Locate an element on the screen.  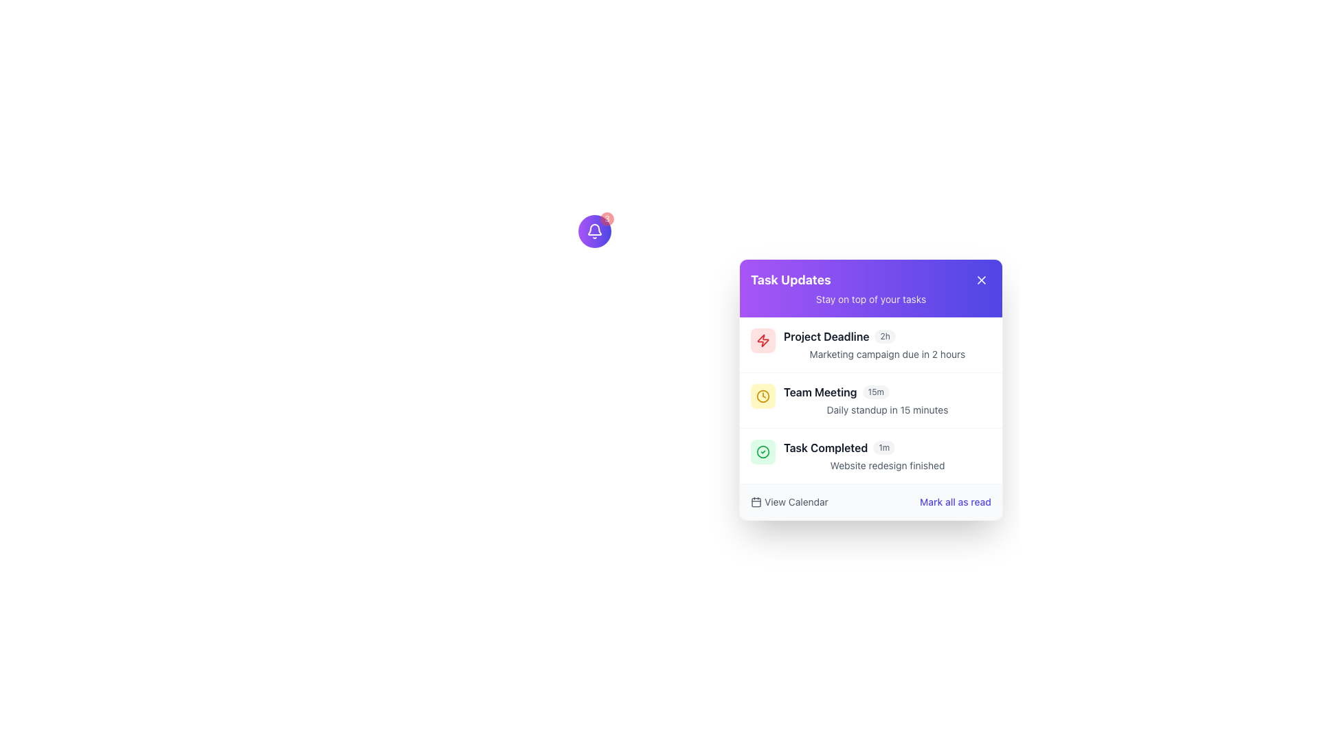
text label that displays 'Website redesign finished', which is styled with a small font size and gray color, located below the 'Task Completed' heading is located at coordinates (887, 465).